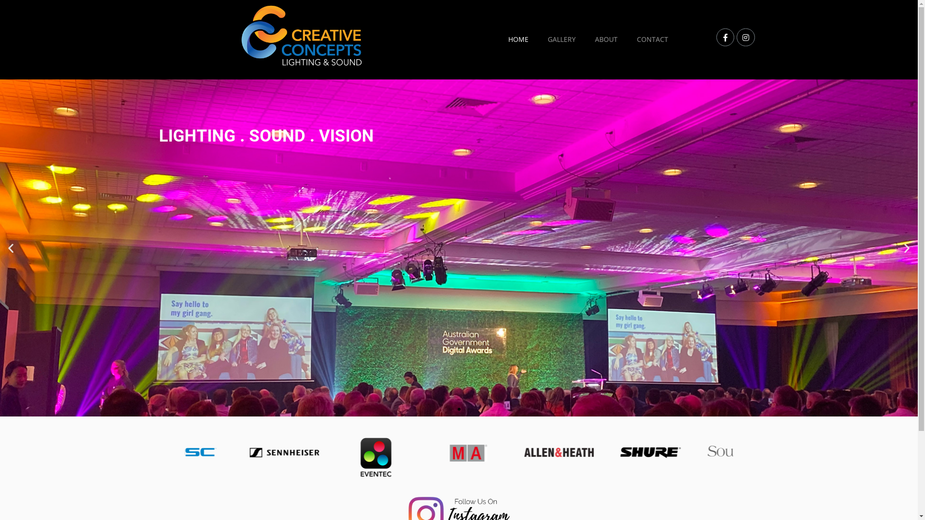 The image size is (925, 520). What do you see at coordinates (562, 39) in the screenshot?
I see `'GALLERY'` at bounding box center [562, 39].